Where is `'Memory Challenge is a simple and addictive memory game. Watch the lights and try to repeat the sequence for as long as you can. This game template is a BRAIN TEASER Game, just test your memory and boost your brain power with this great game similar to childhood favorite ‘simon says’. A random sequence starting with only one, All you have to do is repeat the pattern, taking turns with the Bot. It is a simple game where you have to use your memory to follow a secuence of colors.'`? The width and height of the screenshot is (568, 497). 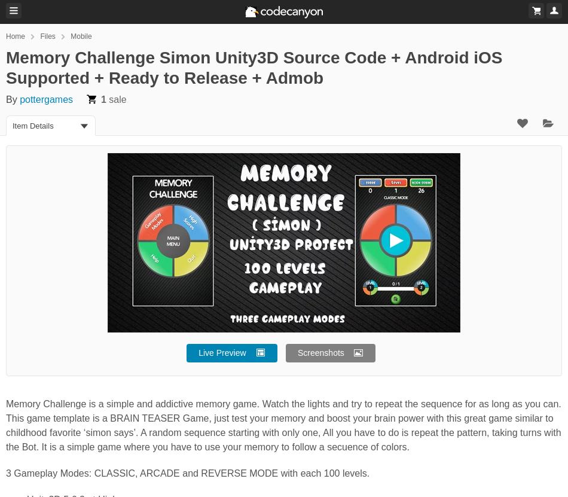 'Memory Challenge is a simple and addictive memory game. Watch the lights and try to repeat the sequence for as long as you can. This game template is a BRAIN TEASER Game, just test your memory and boost your brain power with this great game similar to childhood favorite ‘simon says’. A random sequence starting with only one, All you have to do is repeat the pattern, taking turns with the Bot. It is a simple game where you have to use your memory to follow a secuence of colors.' is located at coordinates (282, 425).